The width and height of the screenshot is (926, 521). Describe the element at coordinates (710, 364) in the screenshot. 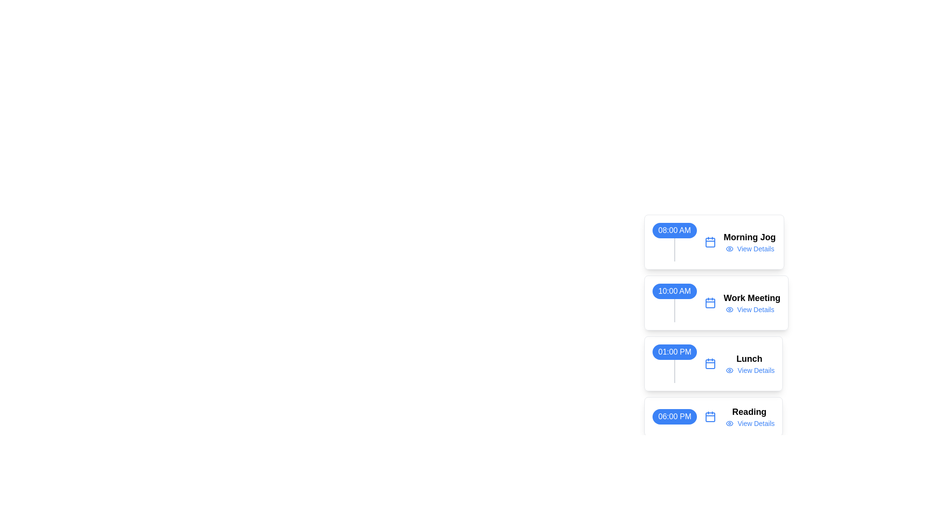

I see `the calendar icon representing a date or event in the timeline, which is located to the left of the '01:00 PM' time label and above 'Lunch'` at that location.